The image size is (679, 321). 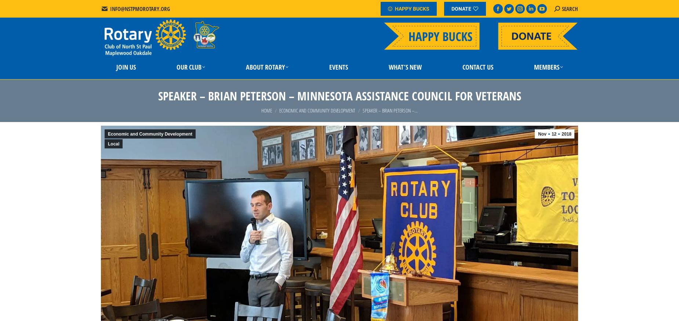 What do you see at coordinates (107, 144) in the screenshot?
I see `'Local'` at bounding box center [107, 144].